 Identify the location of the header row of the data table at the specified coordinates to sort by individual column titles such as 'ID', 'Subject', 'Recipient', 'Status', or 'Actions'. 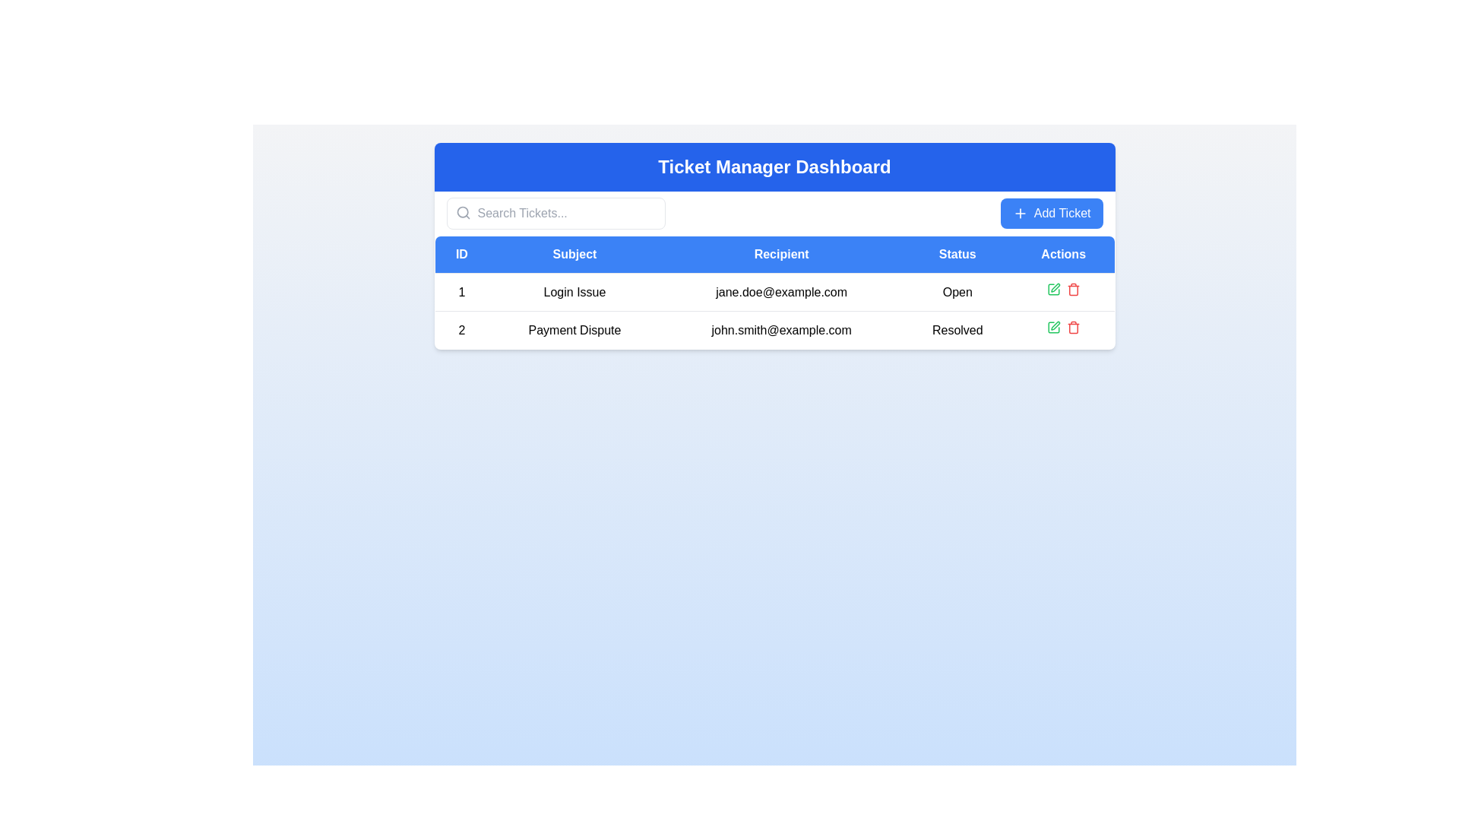
(774, 254).